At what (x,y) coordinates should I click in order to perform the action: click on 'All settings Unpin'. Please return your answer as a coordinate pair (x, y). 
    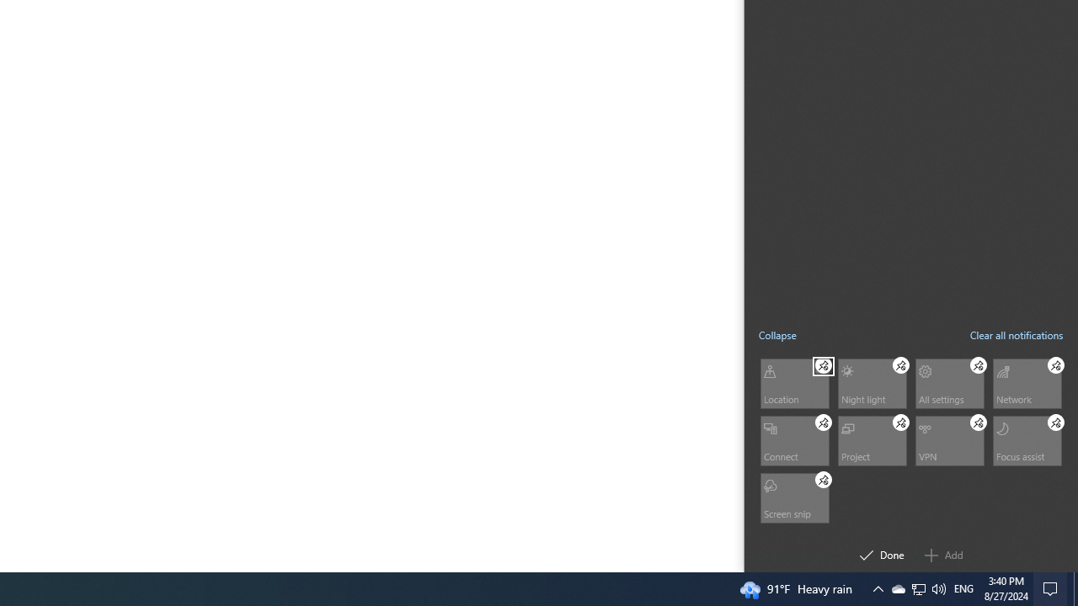
    Looking at the image, I should click on (979, 364).